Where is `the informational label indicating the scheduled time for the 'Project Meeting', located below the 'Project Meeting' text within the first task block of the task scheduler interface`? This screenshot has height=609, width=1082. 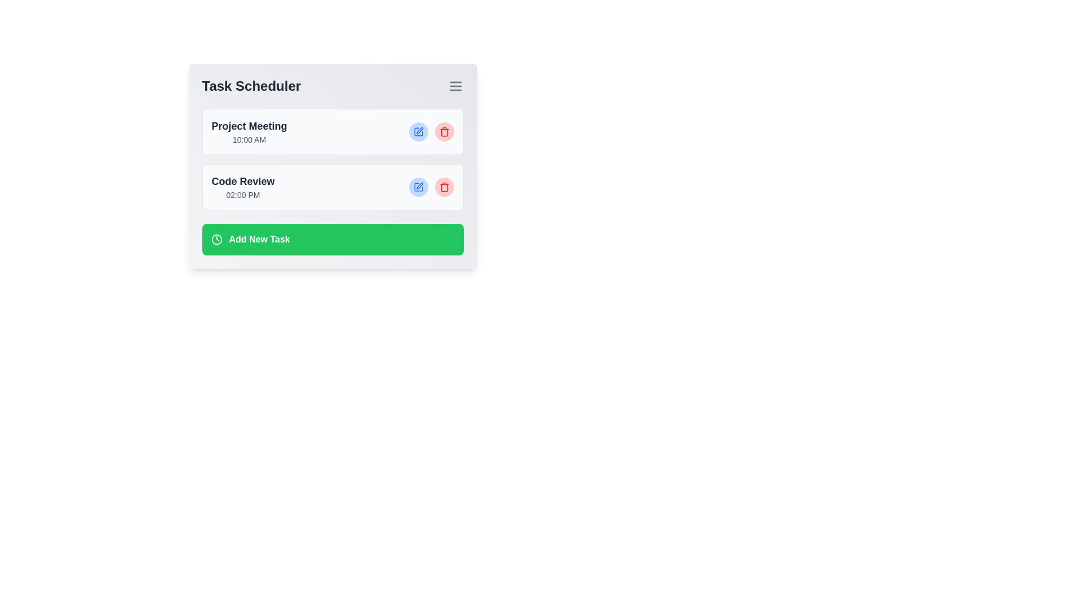
the informational label indicating the scheduled time for the 'Project Meeting', located below the 'Project Meeting' text within the first task block of the task scheduler interface is located at coordinates (249, 139).